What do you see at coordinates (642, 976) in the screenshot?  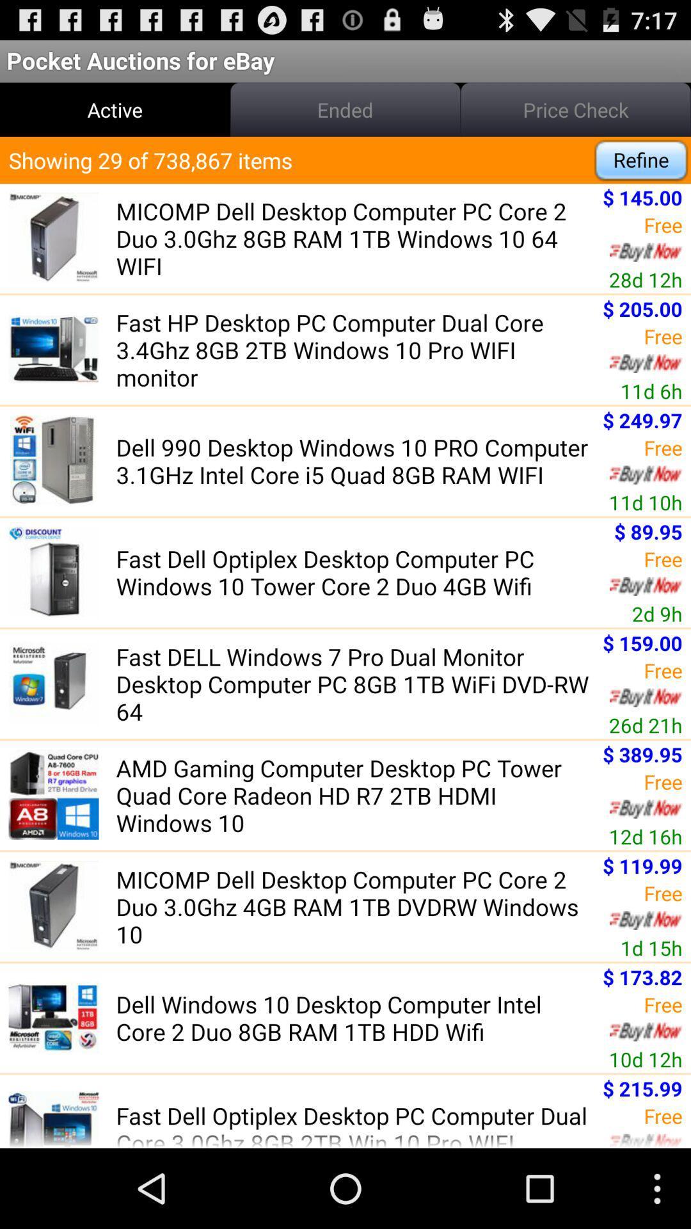 I see `the app above the free app` at bounding box center [642, 976].